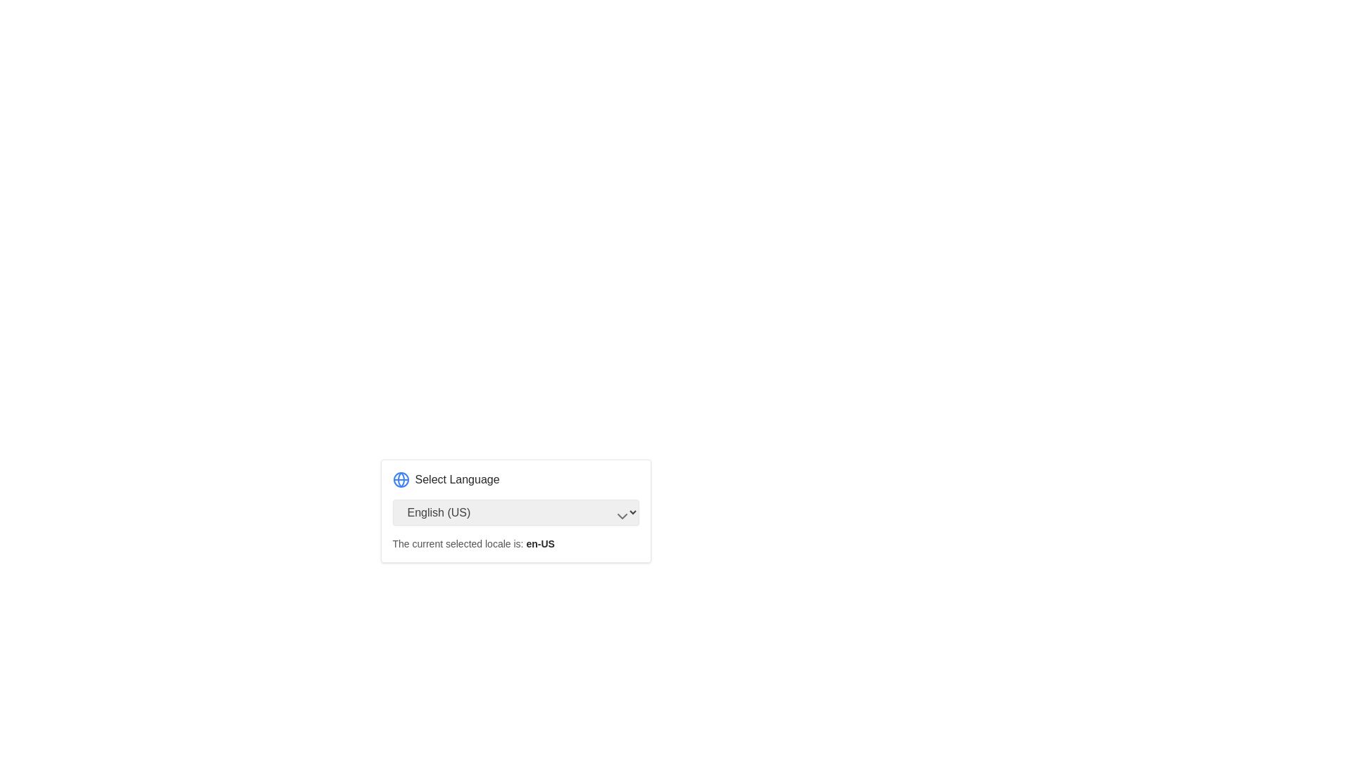 Image resolution: width=1352 pixels, height=760 pixels. What do you see at coordinates (515, 548) in the screenshot?
I see `displayed information about the current locale from the 'Select Language' element, which includes the dropdown and the text stating 'The current selected locale is: en-US'` at bounding box center [515, 548].